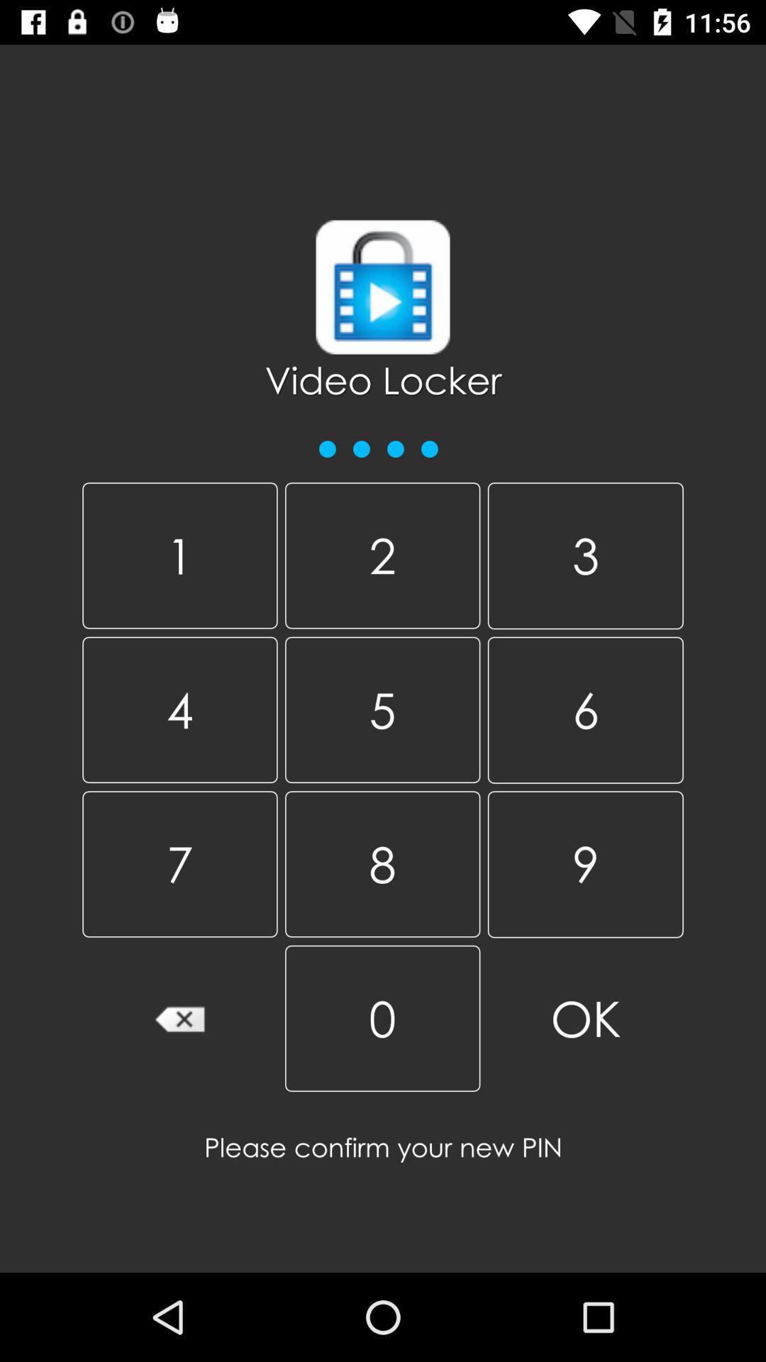 This screenshot has height=1362, width=766. I want to click on backspace entry, so click(179, 1017).